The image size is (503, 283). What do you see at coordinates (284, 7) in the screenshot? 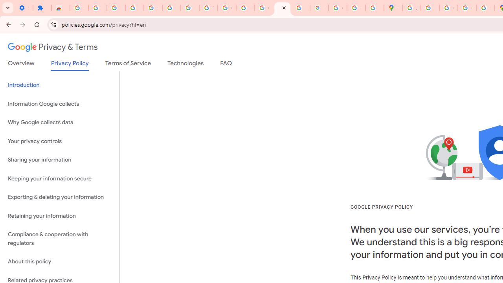
I see `'Close'` at bounding box center [284, 7].